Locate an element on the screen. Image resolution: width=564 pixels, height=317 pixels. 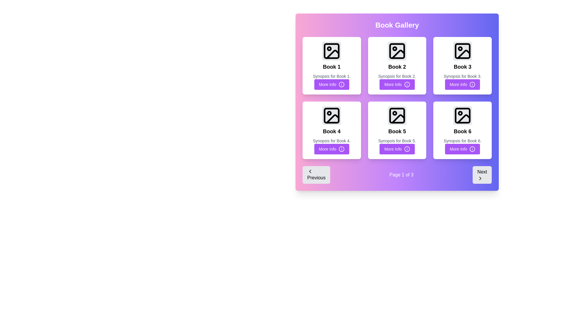
the rounded rectangle inside the image icon of the 'Book 3' card located in the top-right corner of the grid is located at coordinates (462, 50).